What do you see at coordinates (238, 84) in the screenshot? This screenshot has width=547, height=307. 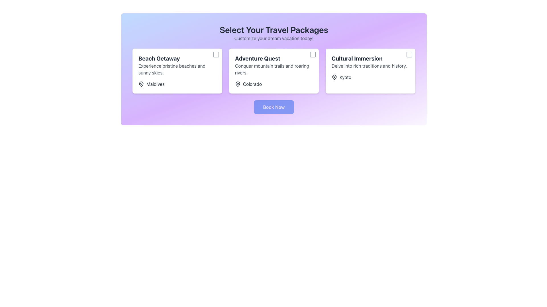 I see `the geographical location icon indicating 'Colorado' within the 'Adventure Quest' card in the travel package selection interface` at bounding box center [238, 84].